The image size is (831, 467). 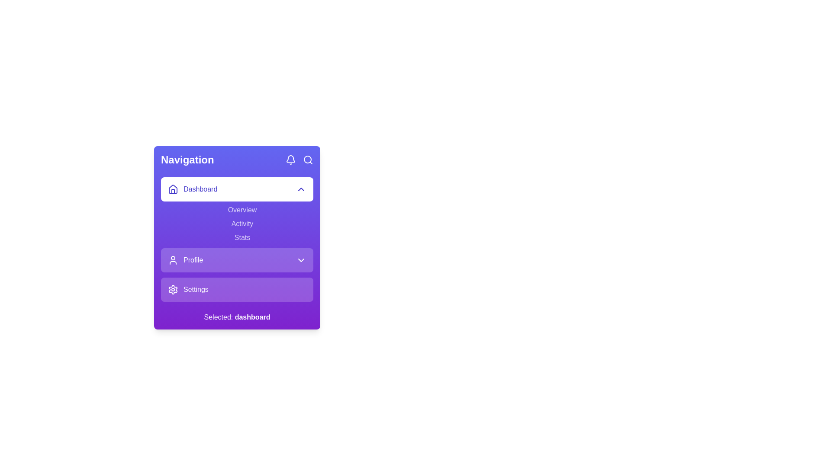 What do you see at coordinates (173, 290) in the screenshot?
I see `the gear-shaped icon with a purple background located in the settings section of the navigation sidebar, positioned to the left of the text 'Settings'` at bounding box center [173, 290].